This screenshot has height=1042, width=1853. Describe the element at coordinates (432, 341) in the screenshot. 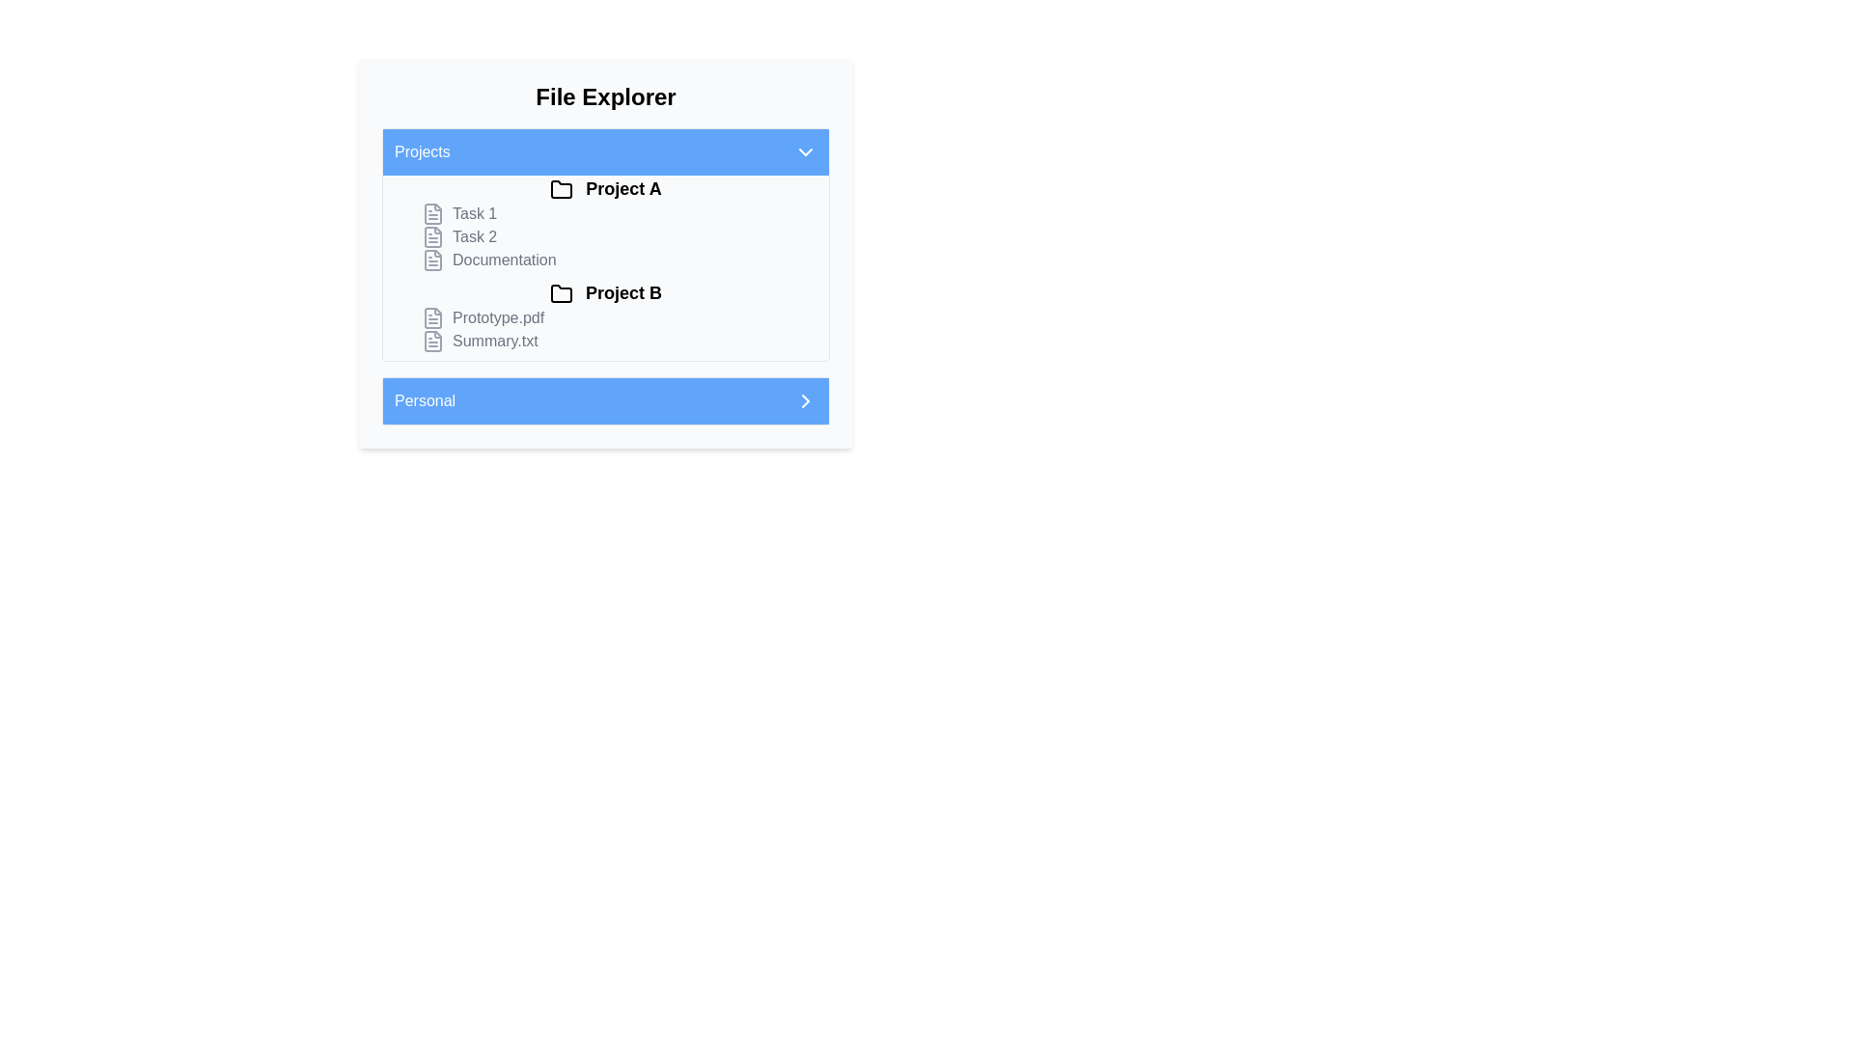

I see `the file icon represented by a minimalist document with folded edges, located to the left of 'Summary.txt' in the File Explorer, as the fourth item in the list of projects` at that location.